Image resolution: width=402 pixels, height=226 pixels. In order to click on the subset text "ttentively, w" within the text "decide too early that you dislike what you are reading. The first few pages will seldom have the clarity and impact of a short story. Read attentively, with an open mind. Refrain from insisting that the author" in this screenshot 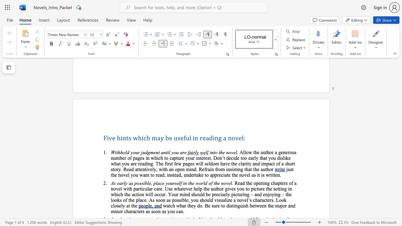, I will do `click(137, 169)`.